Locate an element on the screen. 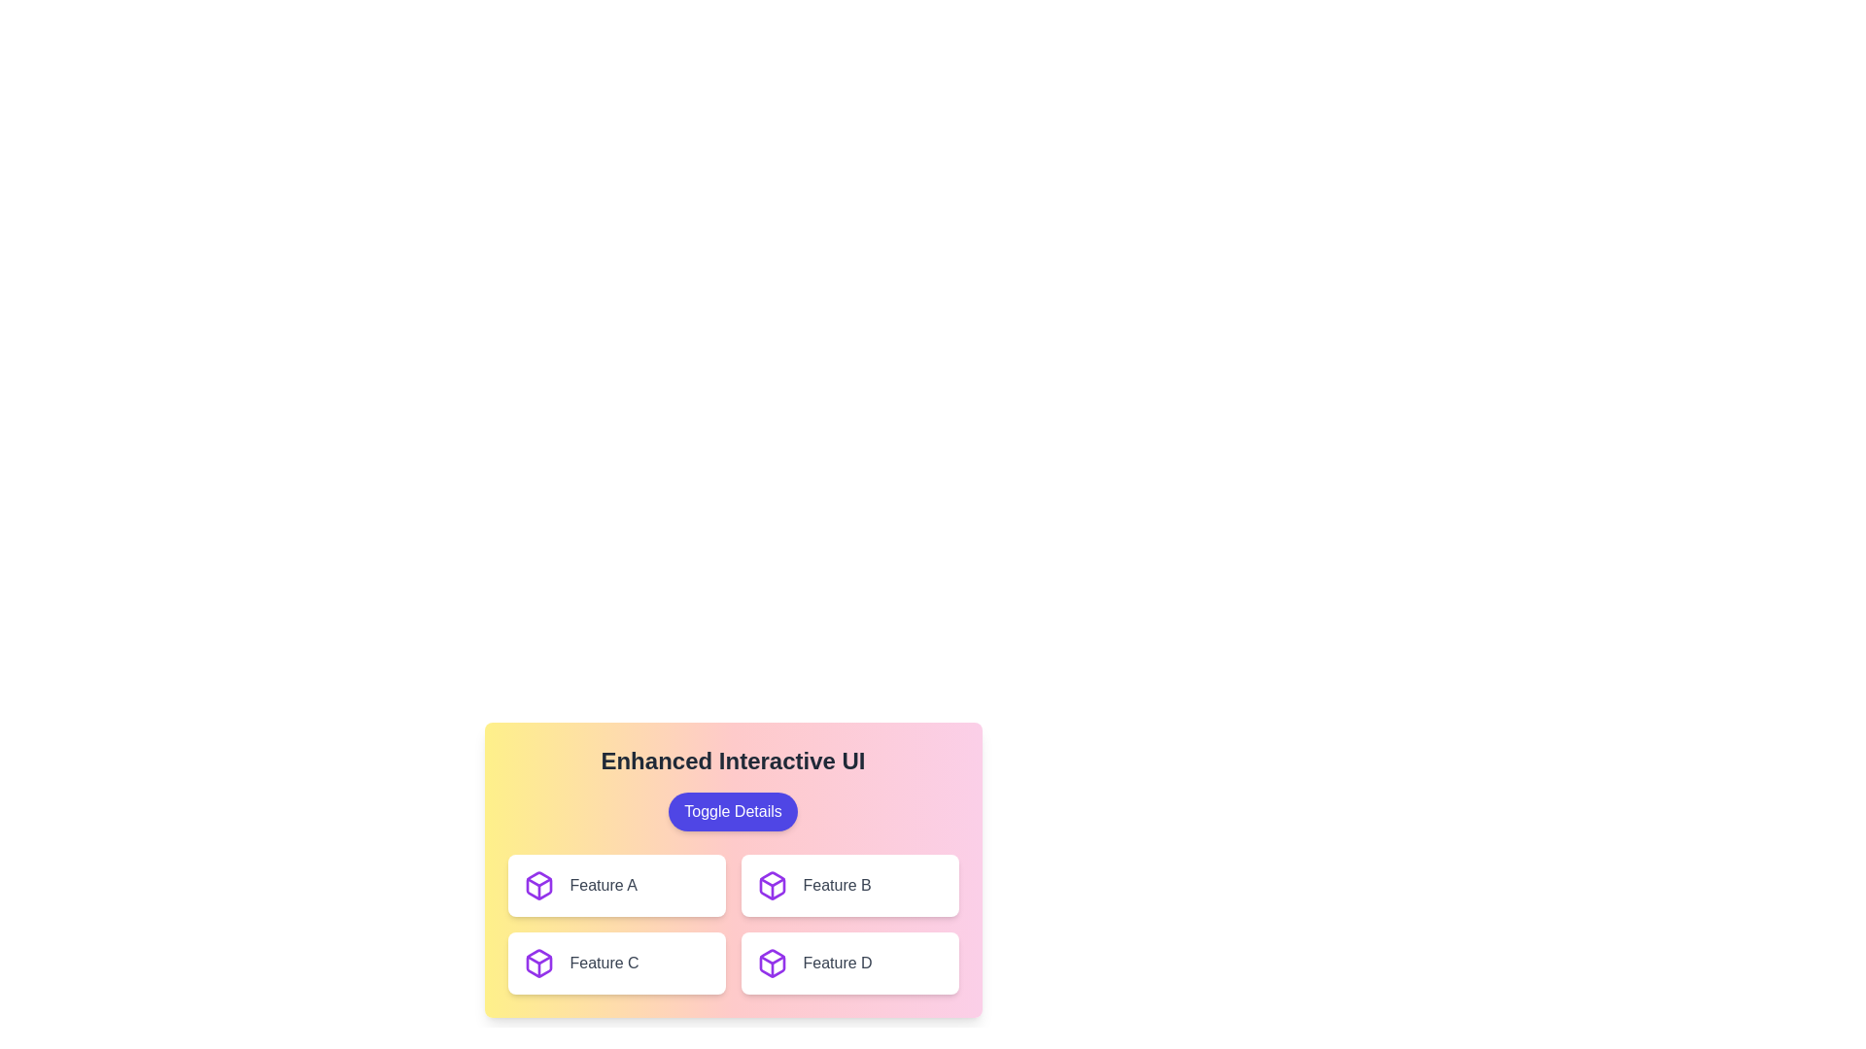 The image size is (1866, 1049). the Text label that identifies the feature associated with the purple box icon, positioned in the second column, first row of a 2x2 grid layout is located at coordinates (837, 885).